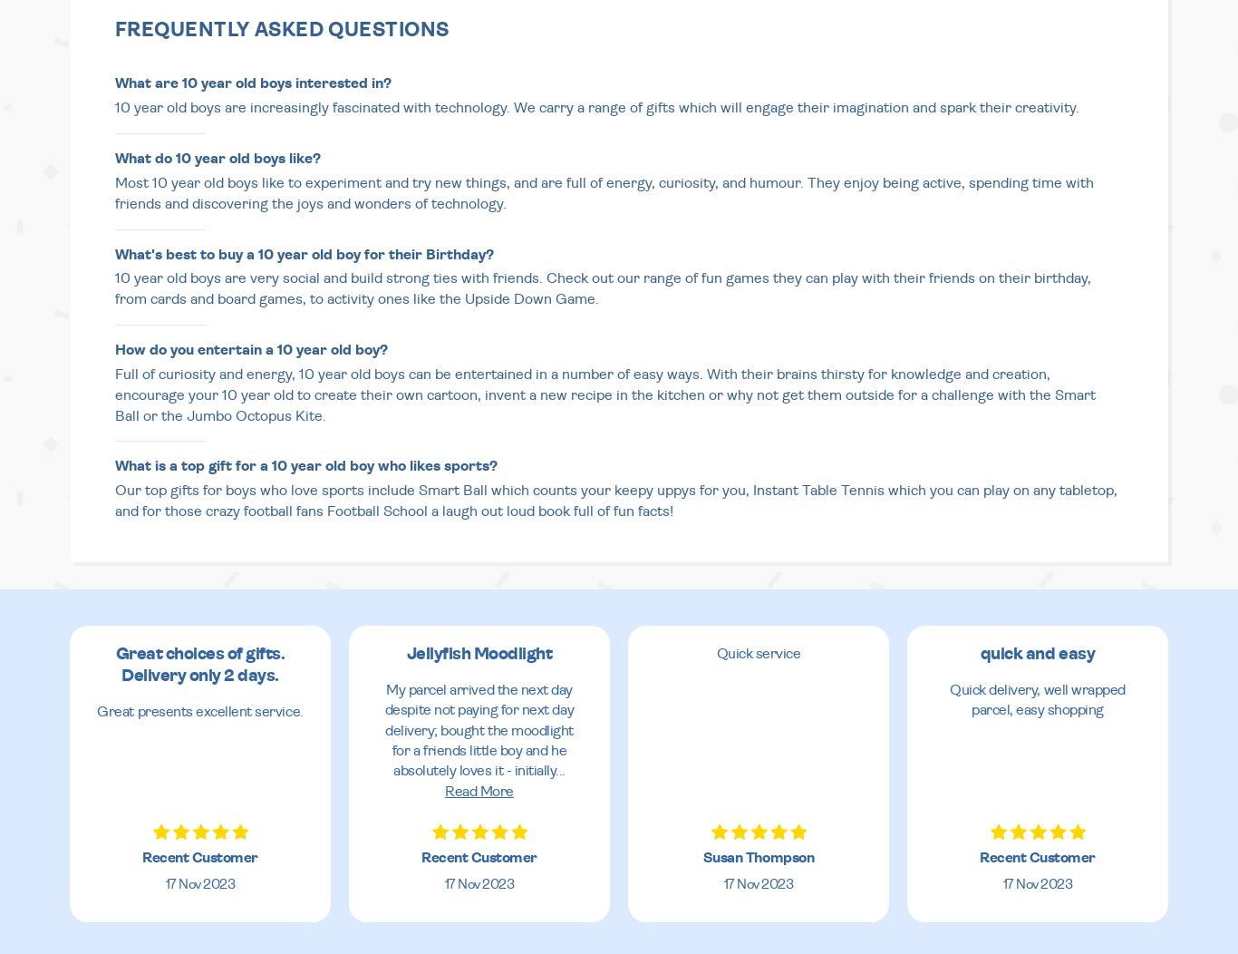 This screenshot has height=954, width=1238. I want to click on 'Read More', so click(444, 790).